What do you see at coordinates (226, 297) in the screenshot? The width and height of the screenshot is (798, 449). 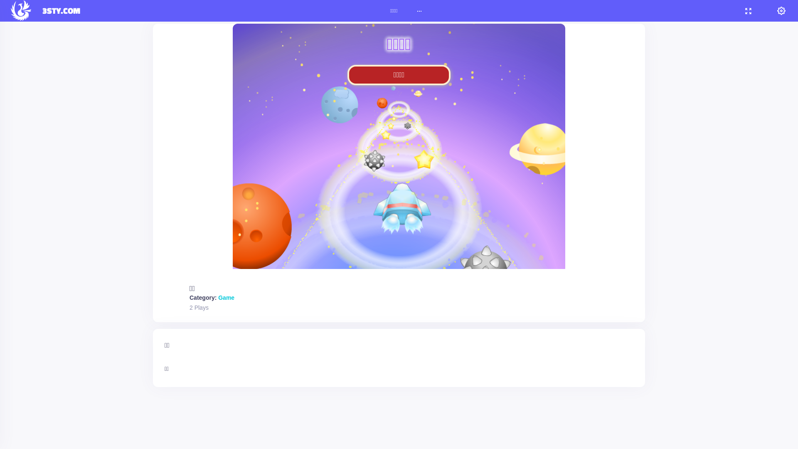 I see `'Game'` at bounding box center [226, 297].